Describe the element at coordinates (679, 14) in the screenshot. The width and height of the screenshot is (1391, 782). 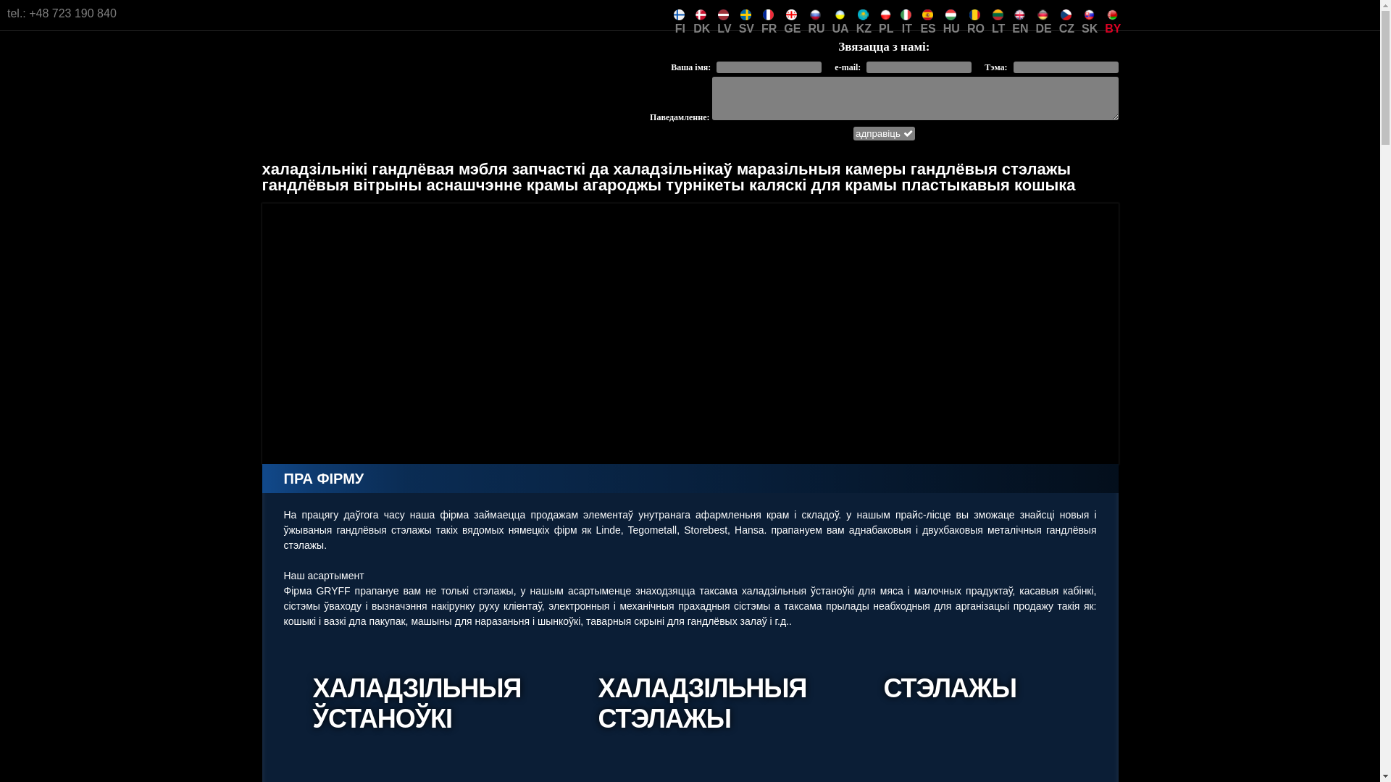
I see `'FI'` at that location.